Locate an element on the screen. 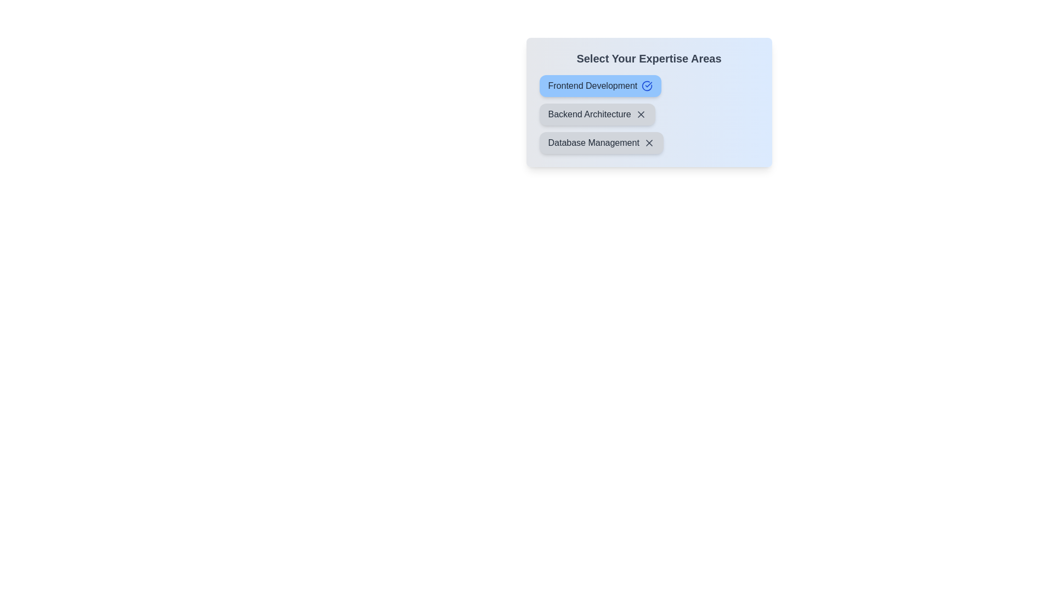  the icon of the tag labeled Frontend Development to toggle its state is located at coordinates (647, 86).